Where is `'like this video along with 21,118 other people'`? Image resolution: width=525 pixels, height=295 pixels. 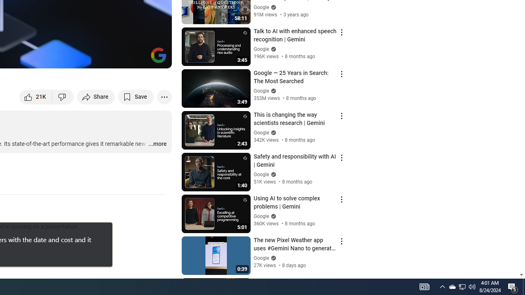 'like this video along with 21,118 other people' is located at coordinates (36, 96).